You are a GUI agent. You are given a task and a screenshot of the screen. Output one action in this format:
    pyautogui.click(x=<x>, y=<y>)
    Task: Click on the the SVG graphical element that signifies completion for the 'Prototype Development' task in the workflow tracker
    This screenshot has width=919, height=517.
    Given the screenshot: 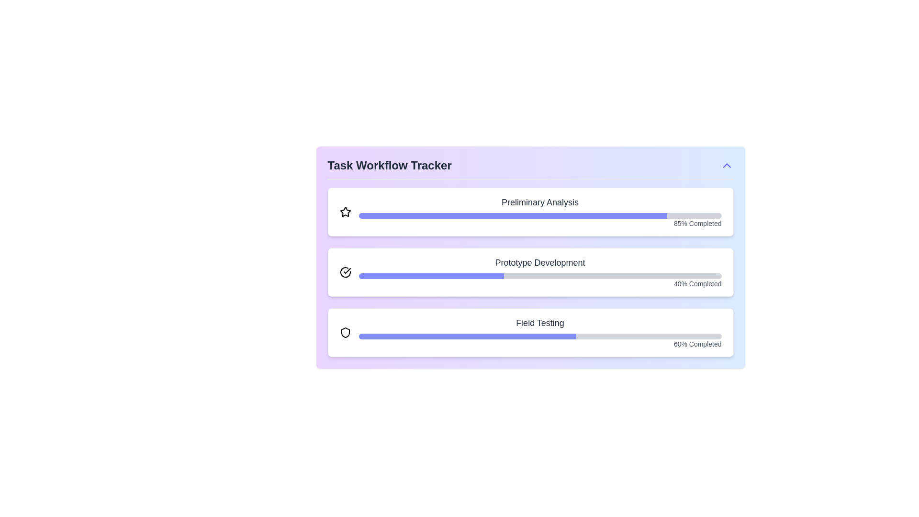 What is the action you would take?
    pyautogui.click(x=346, y=271)
    